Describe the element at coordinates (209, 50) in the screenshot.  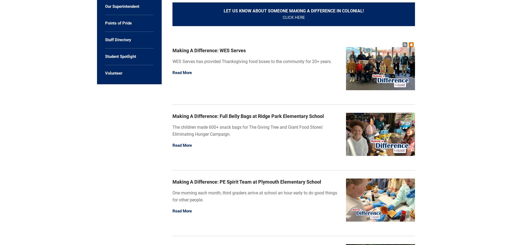
I see `'Making A Difference: WES Serves'` at that location.